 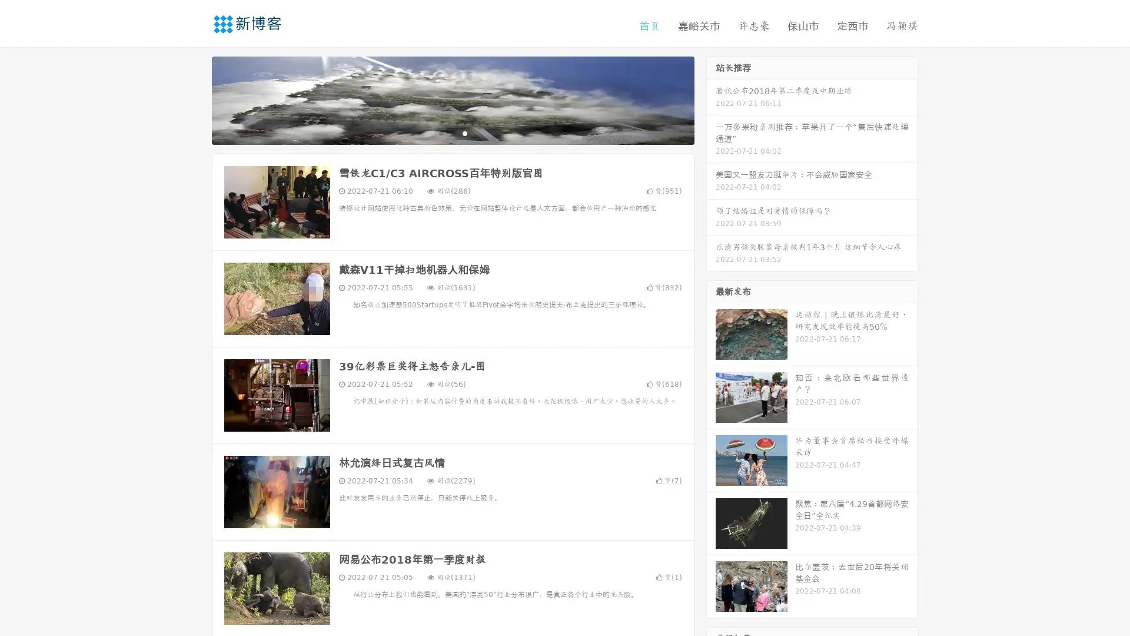 What do you see at coordinates (464, 132) in the screenshot?
I see `Go to slide 3` at bounding box center [464, 132].